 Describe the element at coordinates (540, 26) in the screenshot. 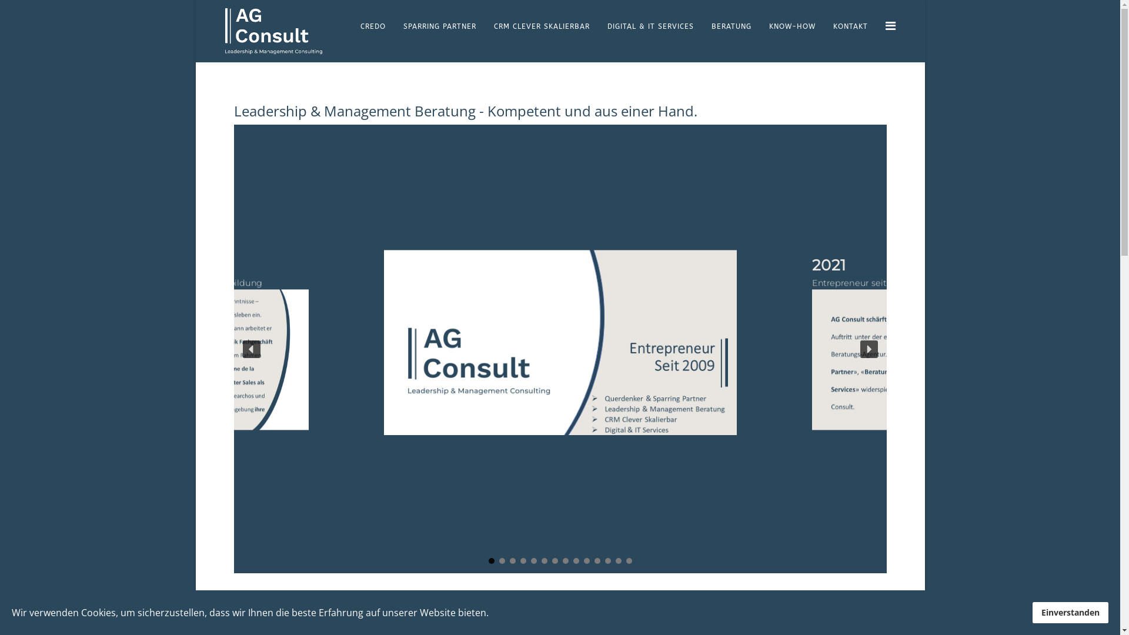

I see `'CRM CLEVER SKALIERBAR'` at that location.